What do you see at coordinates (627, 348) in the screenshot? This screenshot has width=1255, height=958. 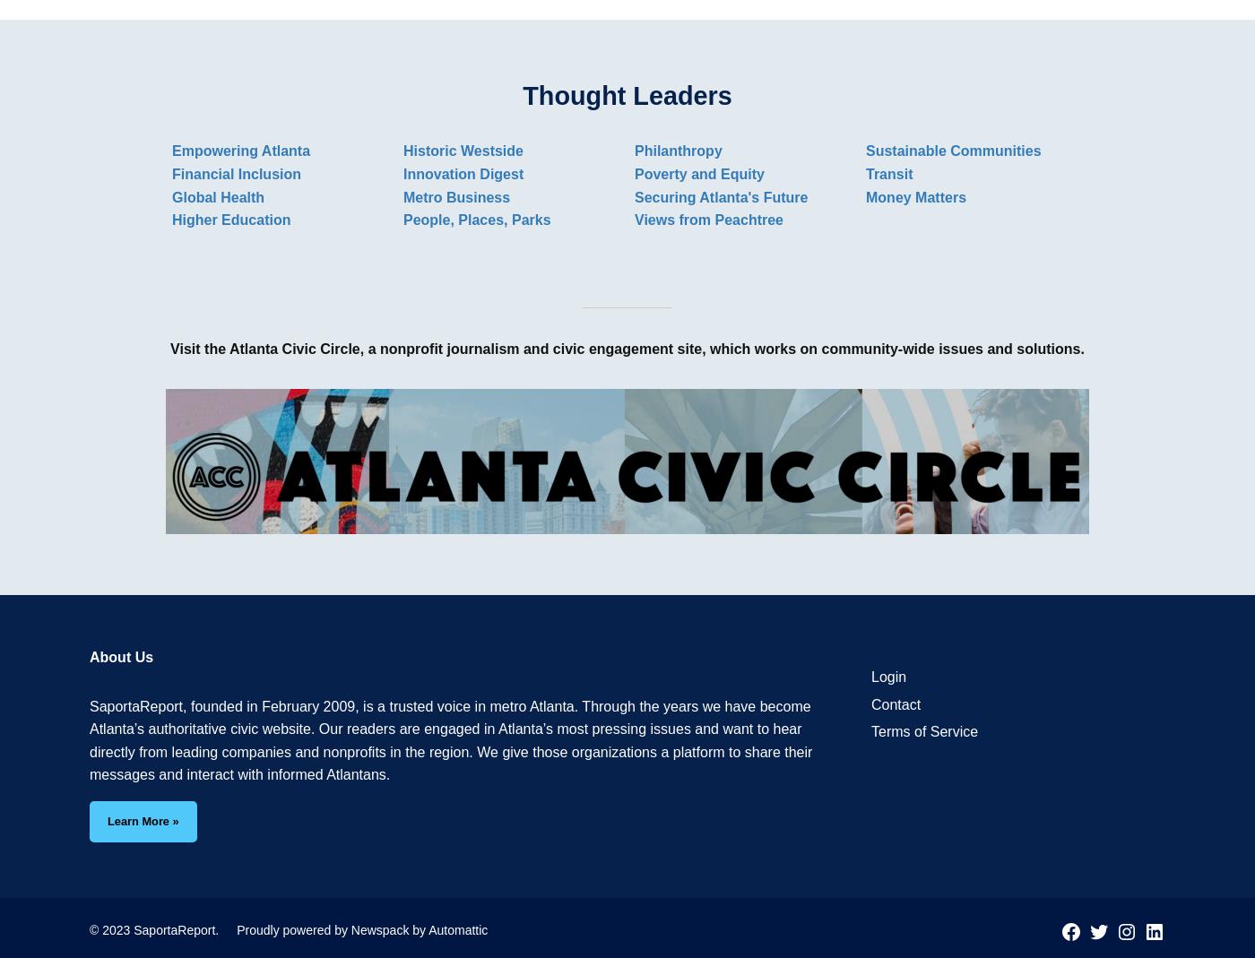 I see `'Visit the Atlanta Civic Circle, a nonprofit journalism and civic engagement site, which works on community-wide issues and solutions.'` at bounding box center [627, 348].